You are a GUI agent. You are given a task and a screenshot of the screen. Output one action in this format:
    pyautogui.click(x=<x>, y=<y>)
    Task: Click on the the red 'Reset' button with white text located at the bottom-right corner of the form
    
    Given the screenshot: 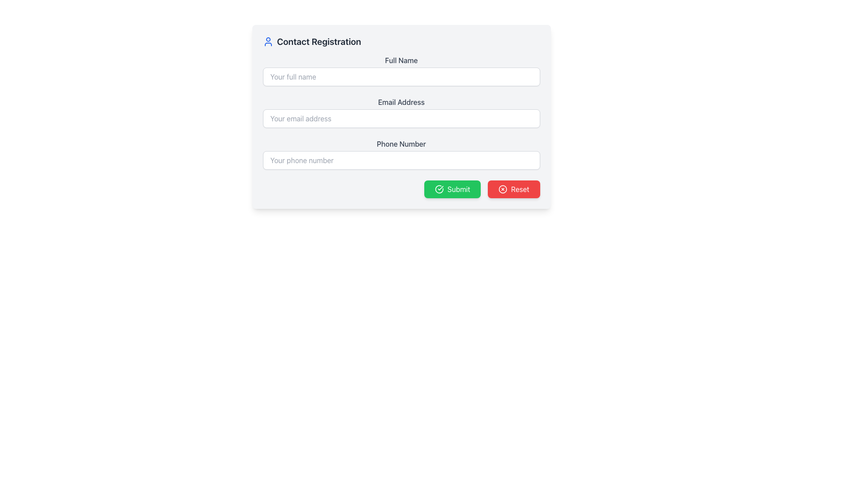 What is the action you would take?
    pyautogui.click(x=520, y=188)
    